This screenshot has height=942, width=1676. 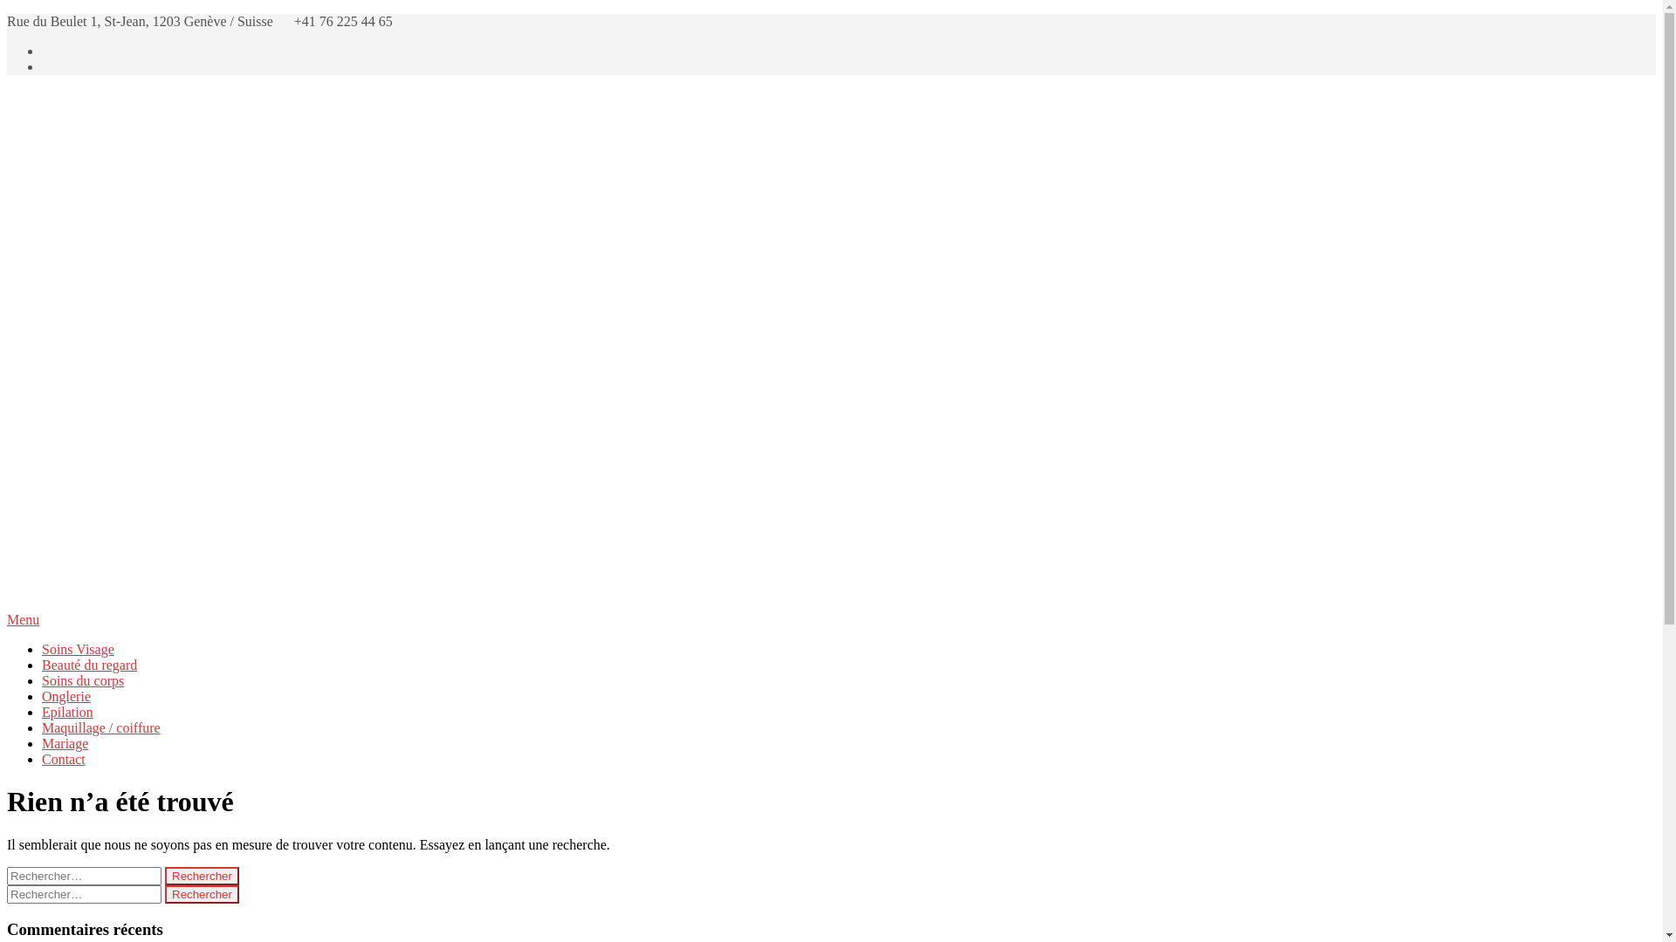 I want to click on 'Onglerie', so click(x=66, y=695).